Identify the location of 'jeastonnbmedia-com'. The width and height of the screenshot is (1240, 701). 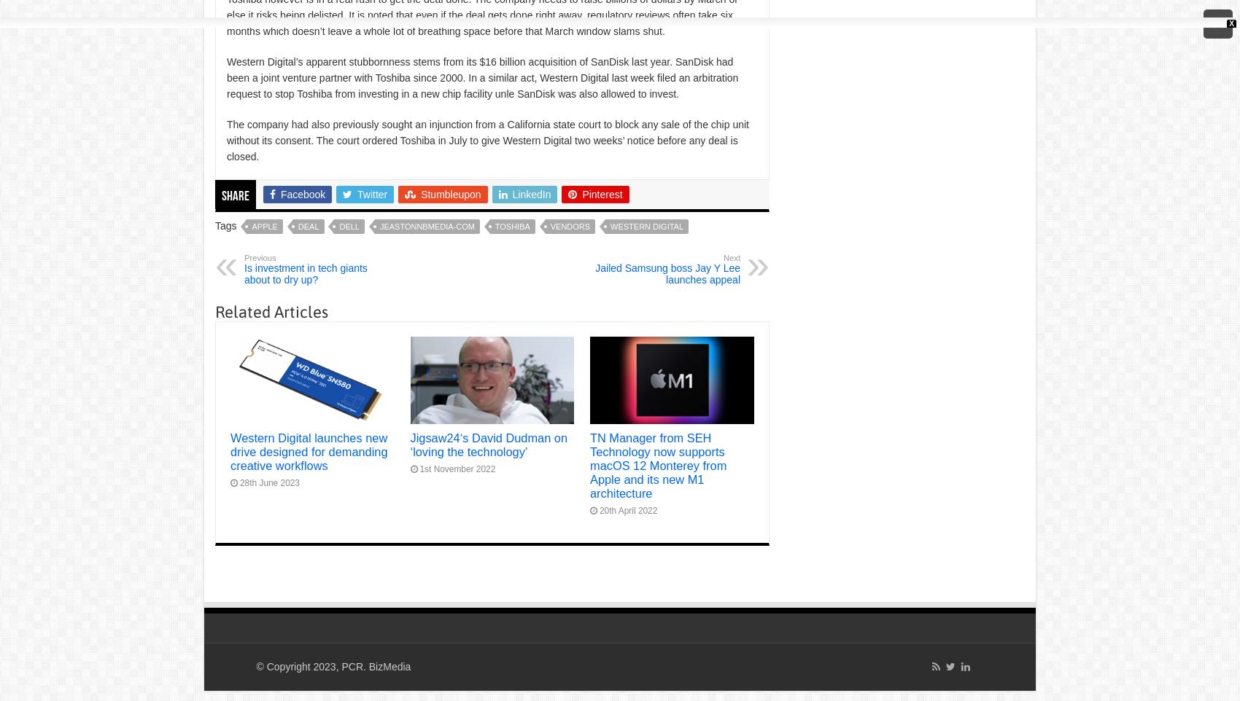
(425, 226).